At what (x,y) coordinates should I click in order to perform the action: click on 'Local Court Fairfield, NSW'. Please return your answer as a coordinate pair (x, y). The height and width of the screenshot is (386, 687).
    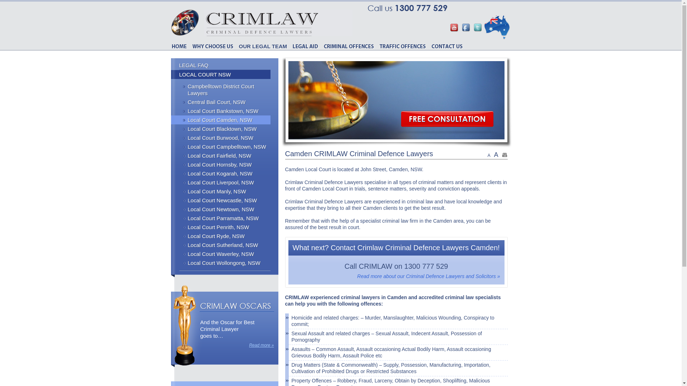
    Looking at the image, I should click on (220, 155).